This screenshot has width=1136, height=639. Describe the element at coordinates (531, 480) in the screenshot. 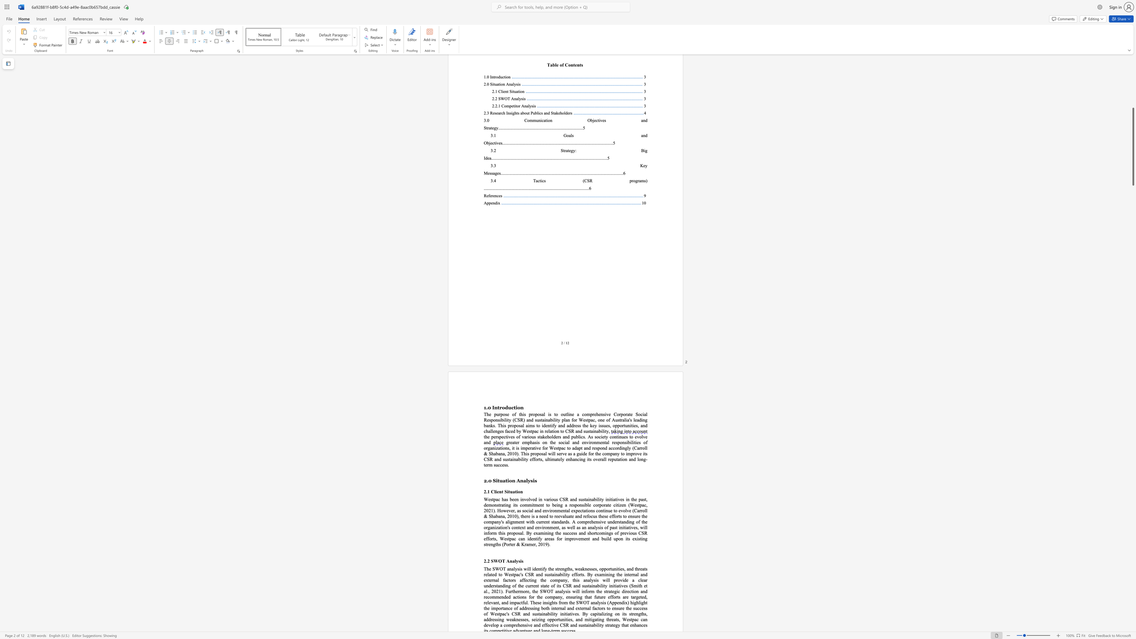

I see `the subset text "sis" within the text "2.0 Situation Analysis"` at that location.